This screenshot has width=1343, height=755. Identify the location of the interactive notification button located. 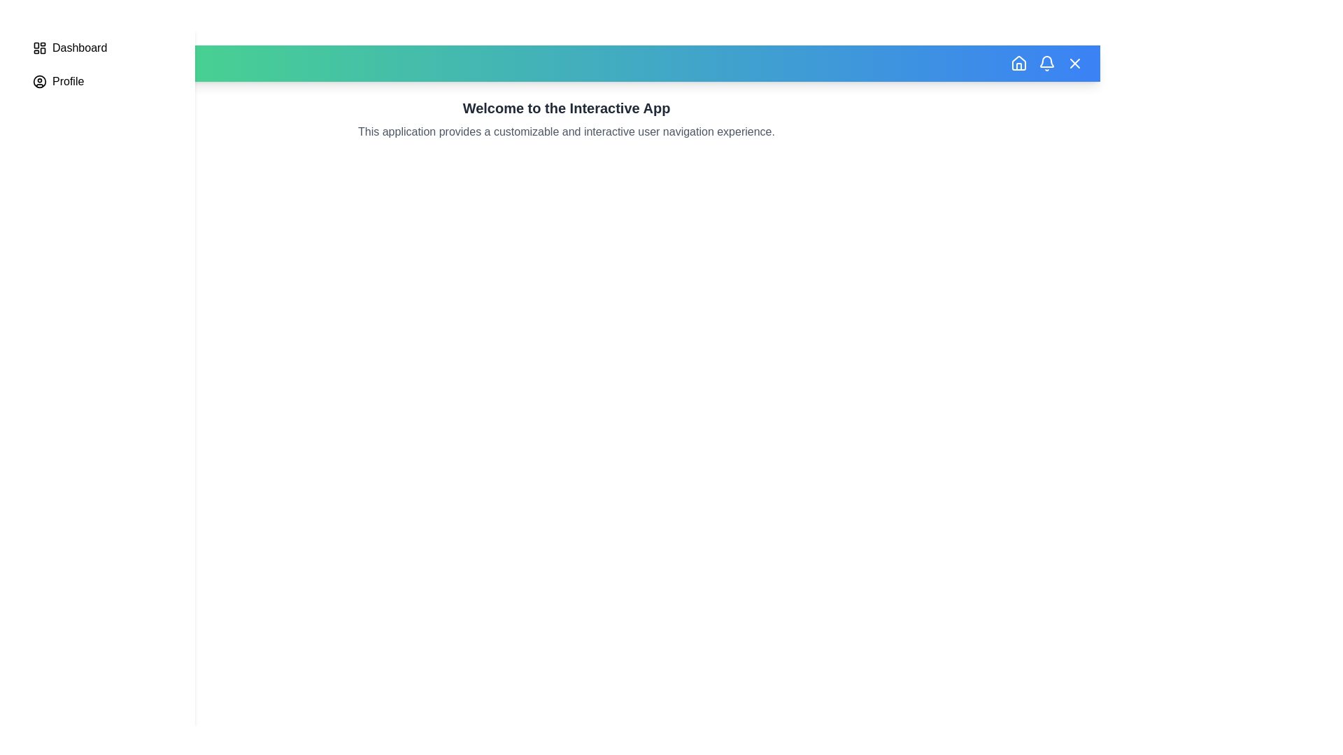
(1047, 64).